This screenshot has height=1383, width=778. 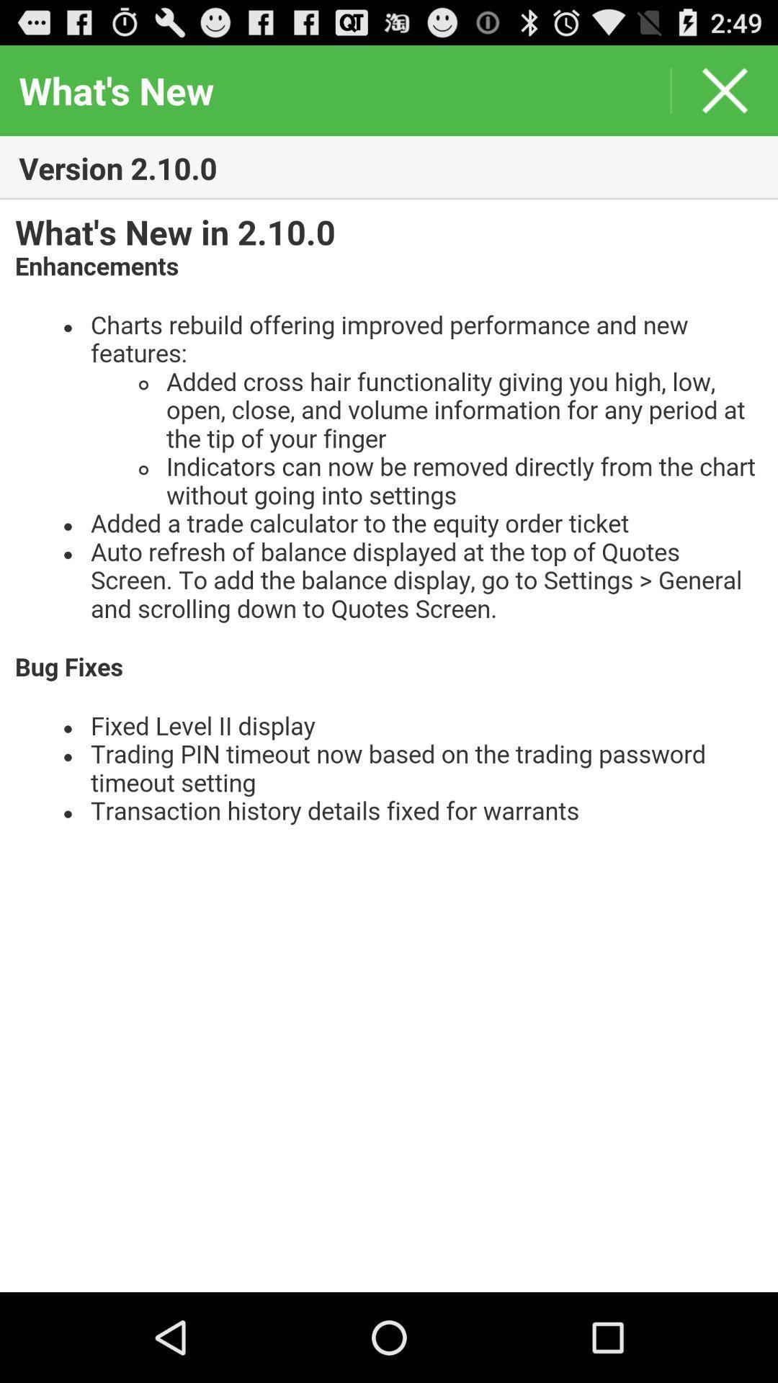 I want to click on coles button, so click(x=725, y=89).